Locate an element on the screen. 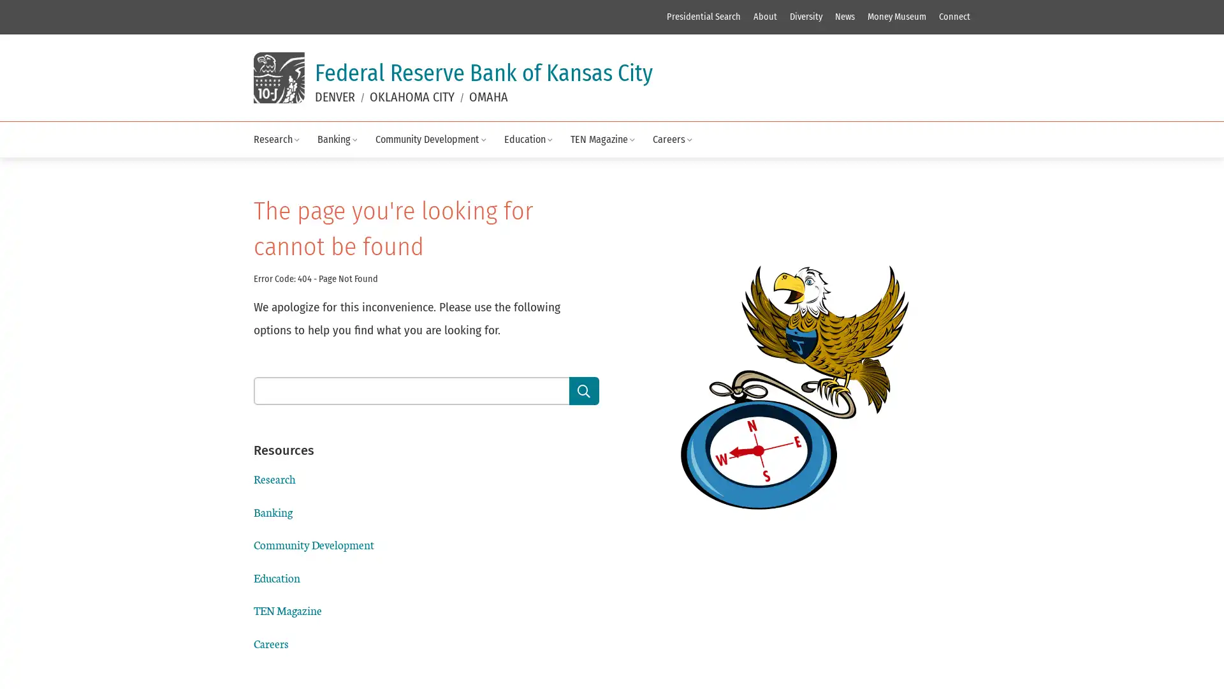 The image size is (1224, 689). Banking is located at coordinates (337, 139).